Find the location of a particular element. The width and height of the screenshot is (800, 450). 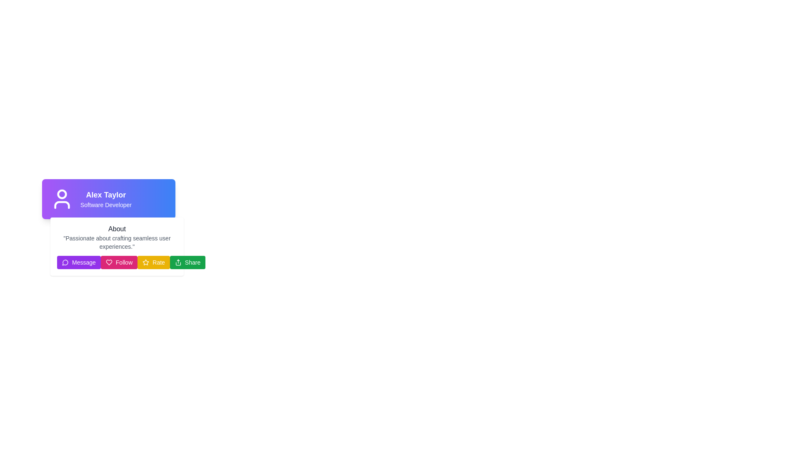

the share button located at the end of the horizontal list of buttons below the profile card is located at coordinates (187, 262).